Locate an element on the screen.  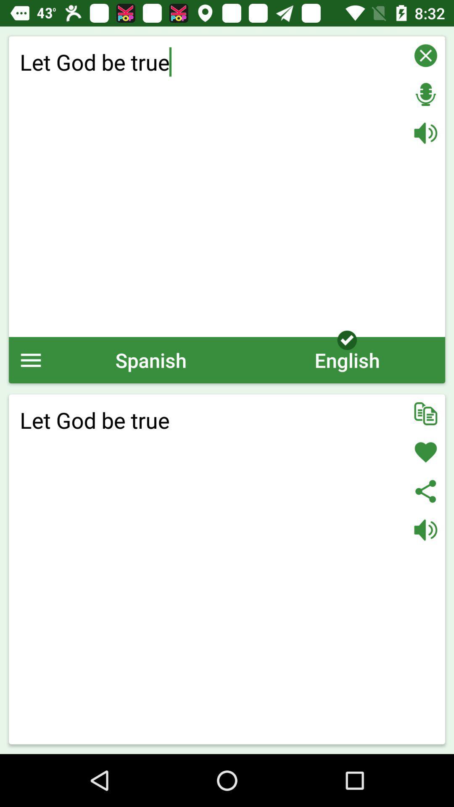
the icon to the right of spanish icon is located at coordinates (347, 360).